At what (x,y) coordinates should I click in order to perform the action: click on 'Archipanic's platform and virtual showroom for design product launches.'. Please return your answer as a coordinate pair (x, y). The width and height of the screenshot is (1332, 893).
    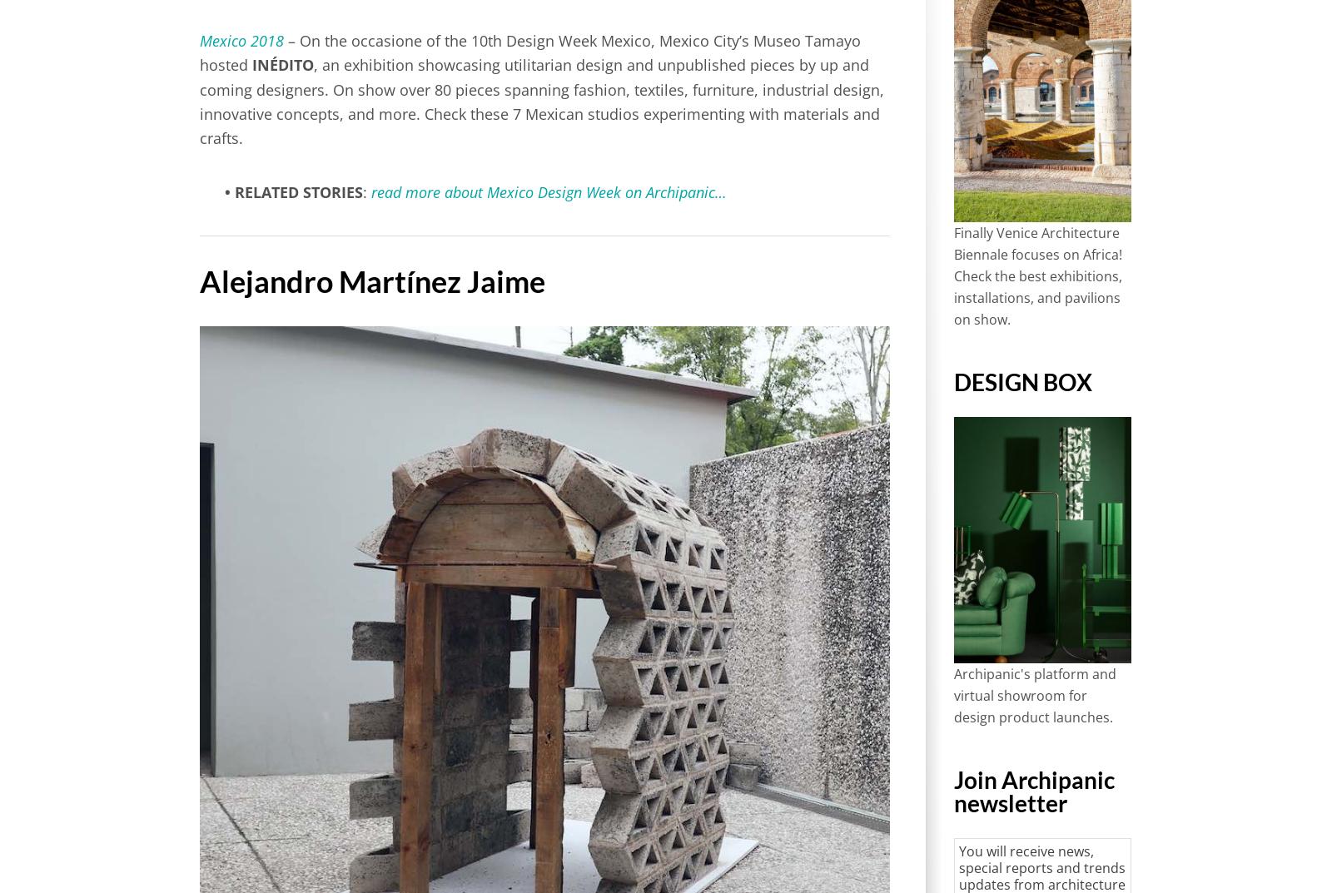
    Looking at the image, I should click on (1033, 694).